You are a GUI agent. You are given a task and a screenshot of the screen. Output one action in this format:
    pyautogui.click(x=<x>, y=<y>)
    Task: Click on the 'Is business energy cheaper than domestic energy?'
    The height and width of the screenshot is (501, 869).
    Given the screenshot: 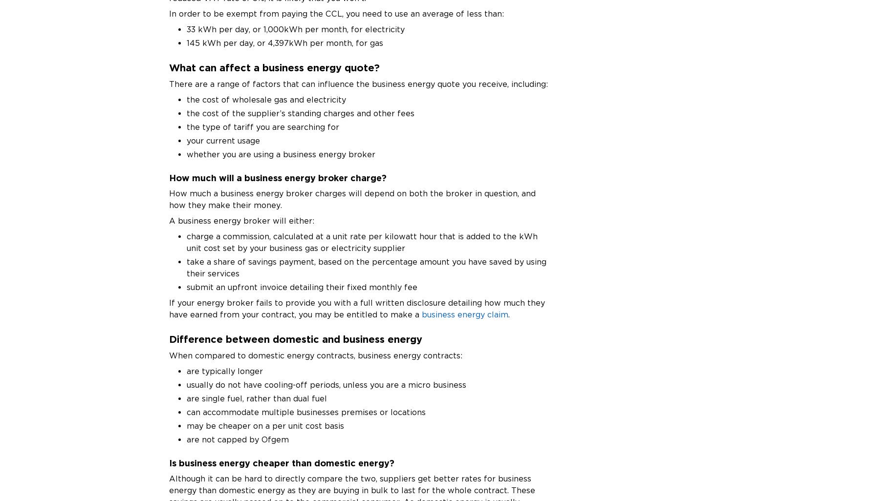 What is the action you would take?
    pyautogui.click(x=281, y=462)
    